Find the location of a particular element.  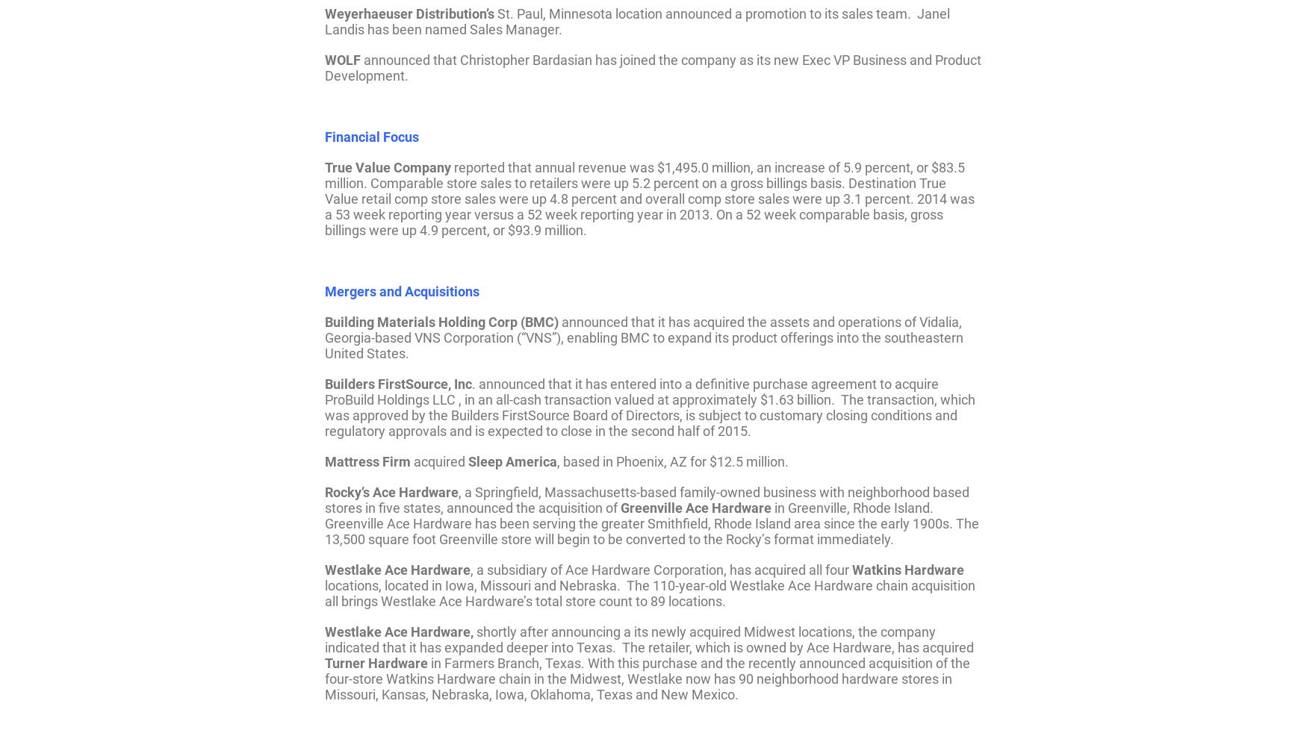

'locations, located in Iowa, Missouri and Nebraska.  The 110-year-old Westlake Ace Hardware chain acquisition all brings Westlake Ace Hardware’s total store count to 89 locations.' is located at coordinates (650, 593).